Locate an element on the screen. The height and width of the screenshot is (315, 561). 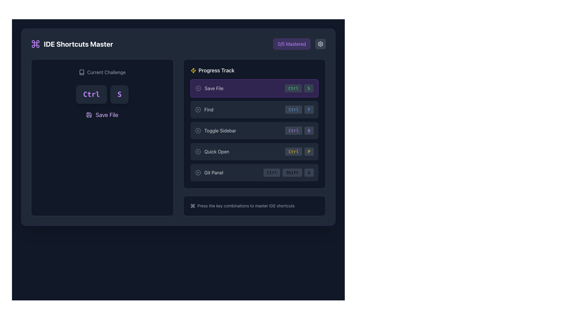
the third entry in the 'Progress Track' list, which consists of shortcut options with a dark background and highlighted distinct colors is located at coordinates (254, 130).